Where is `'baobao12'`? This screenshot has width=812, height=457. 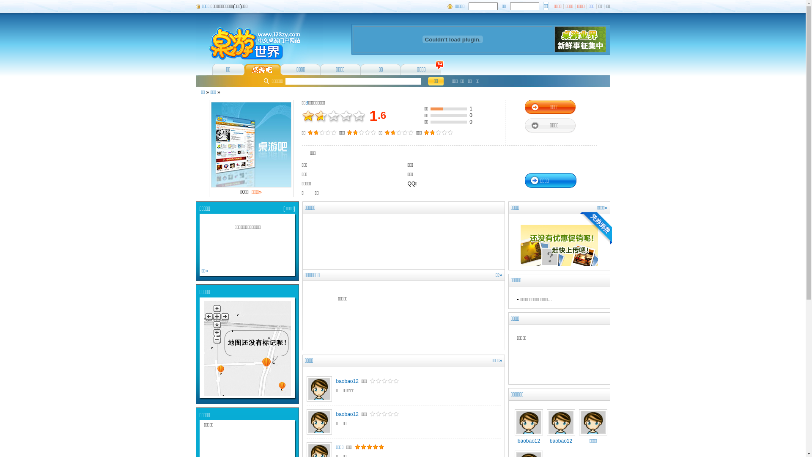 'baobao12' is located at coordinates (335, 414).